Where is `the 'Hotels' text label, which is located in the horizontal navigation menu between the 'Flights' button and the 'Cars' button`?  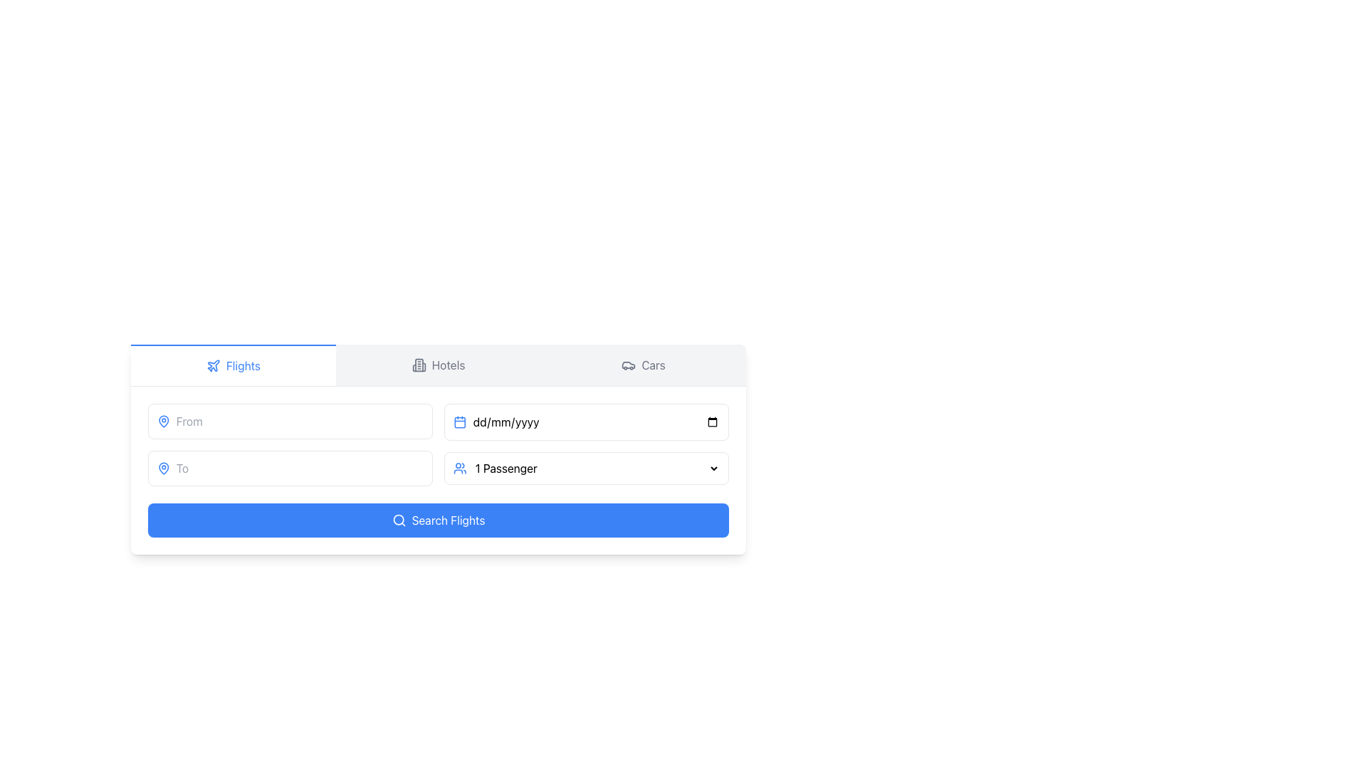 the 'Hotels' text label, which is located in the horizontal navigation menu between the 'Flights' button and the 'Cars' button is located at coordinates (447, 365).